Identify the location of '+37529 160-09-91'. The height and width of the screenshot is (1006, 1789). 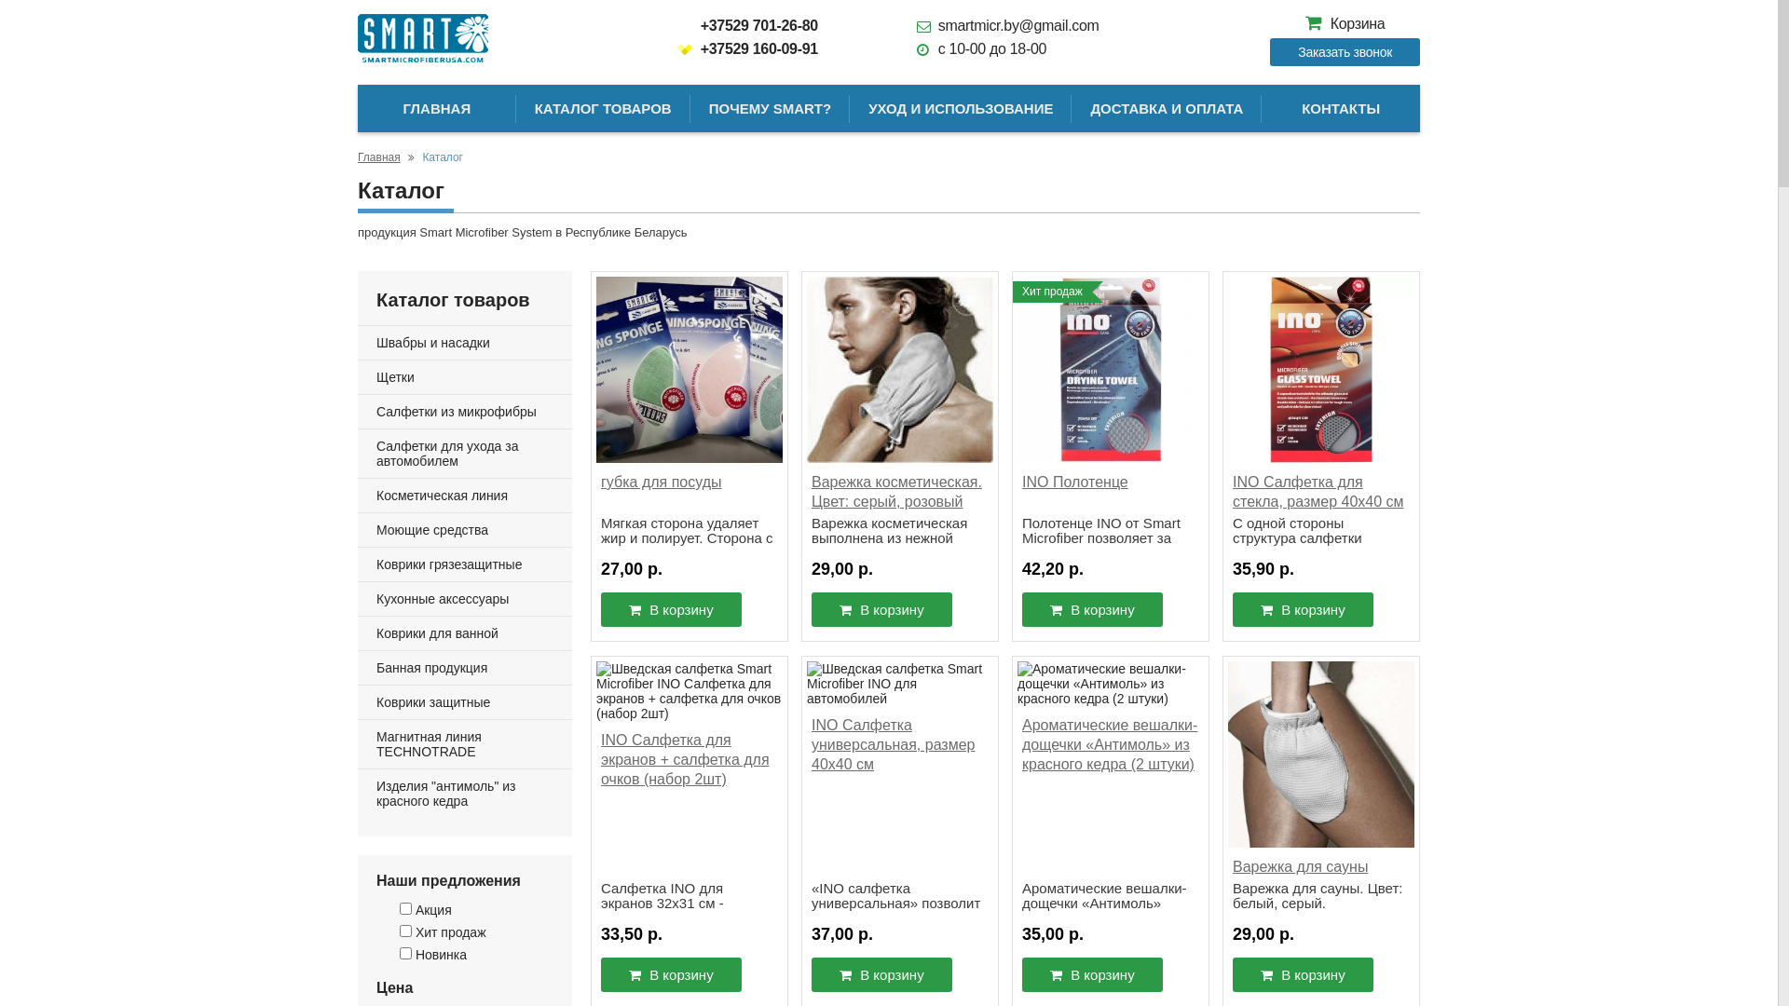
(747, 48).